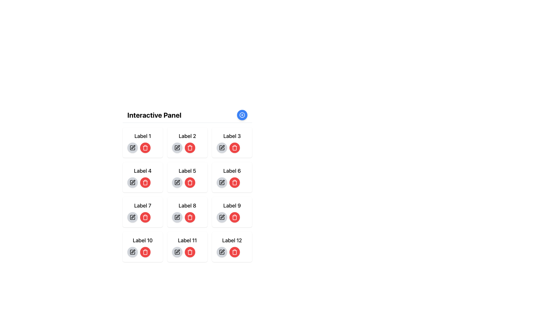 Image resolution: width=557 pixels, height=313 pixels. What do you see at coordinates (142, 143) in the screenshot?
I see `the delete button on the first interactive card located in the top-left corner of the grid layout under the heading 'Interactive Panel.'` at bounding box center [142, 143].